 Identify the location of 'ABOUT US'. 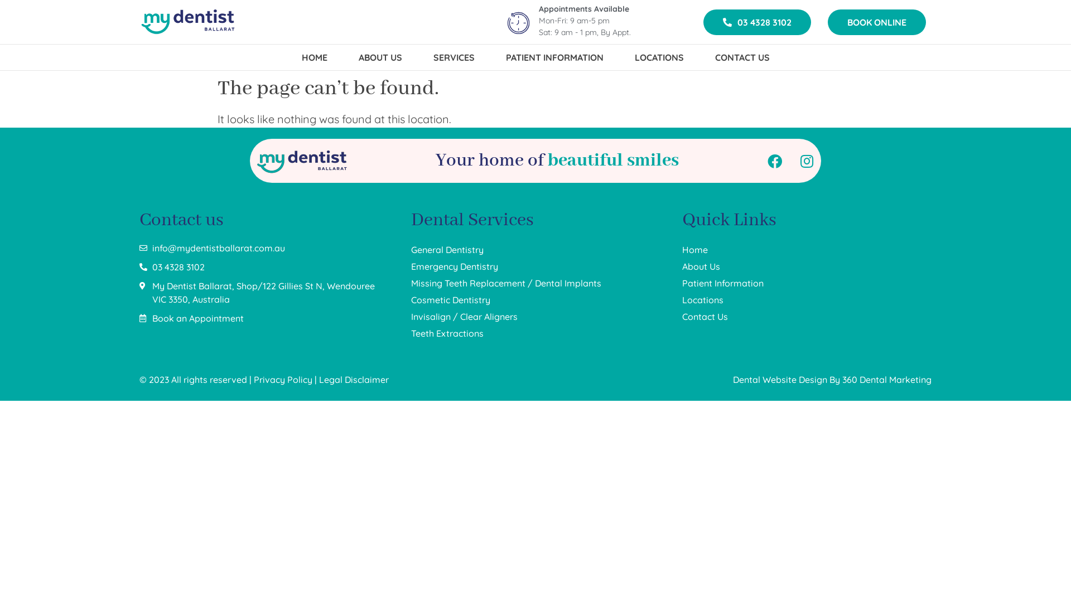
(380, 57).